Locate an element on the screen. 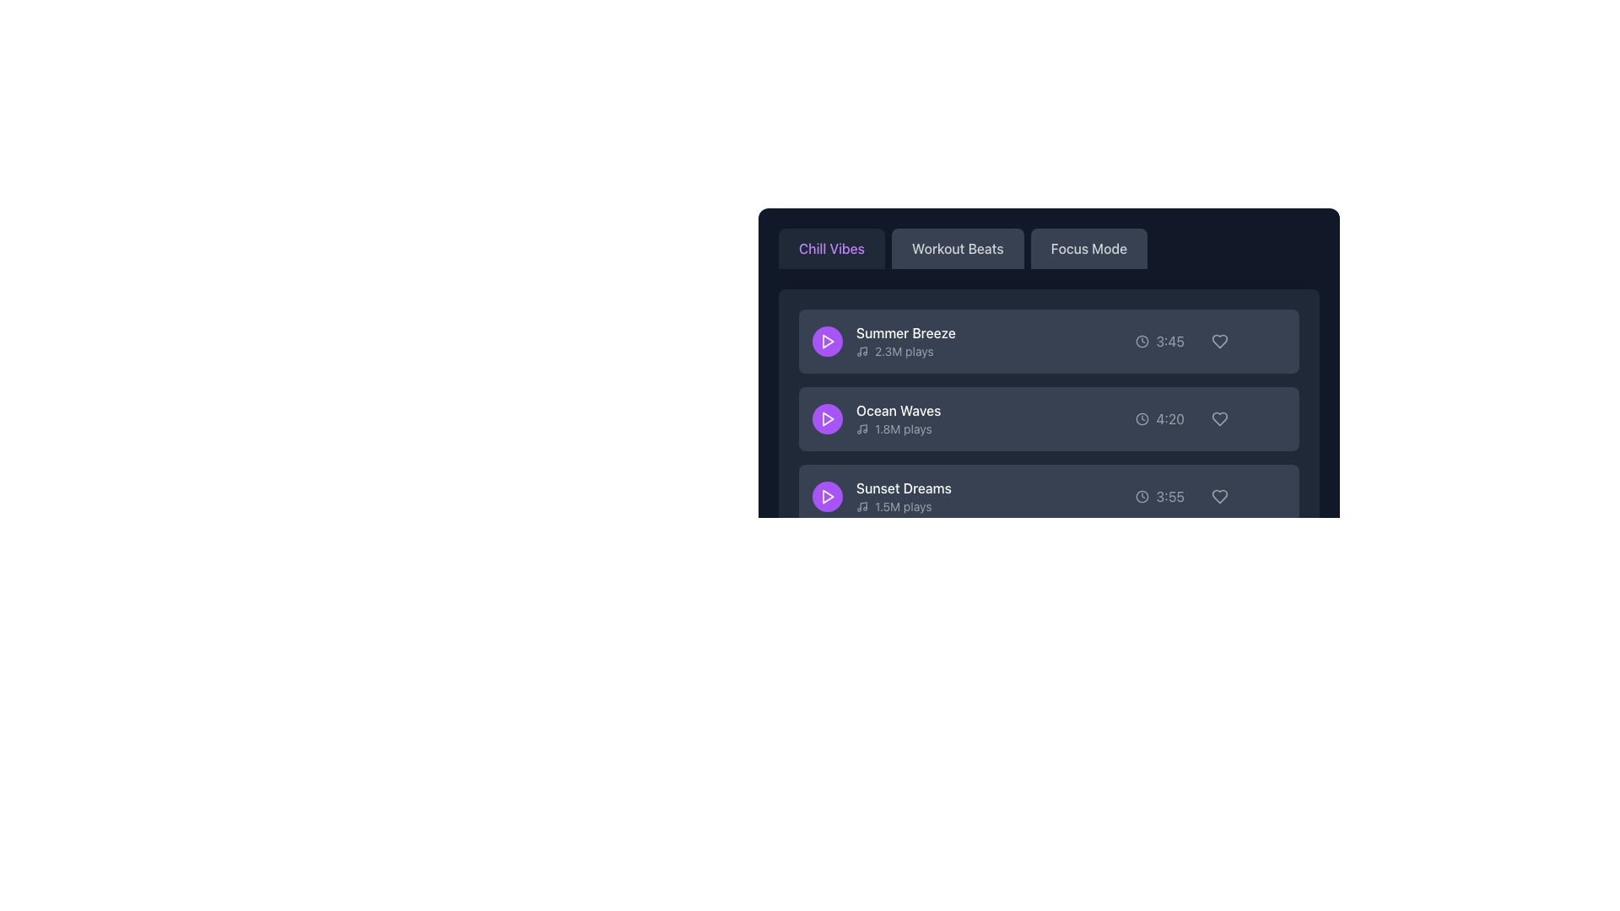  the informational text label displaying the play count of 'Sunset Dreams', located in the third row of the music list is located at coordinates (903, 506).